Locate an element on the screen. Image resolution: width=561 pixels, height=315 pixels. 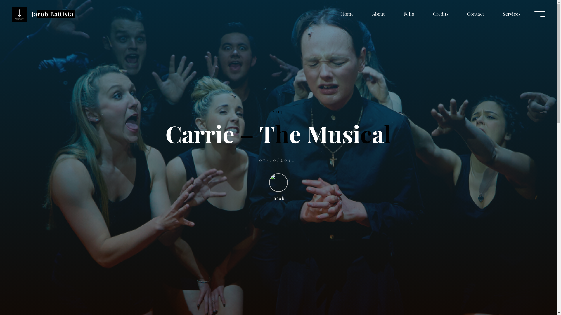
'Jacob' is located at coordinates (269, 187).